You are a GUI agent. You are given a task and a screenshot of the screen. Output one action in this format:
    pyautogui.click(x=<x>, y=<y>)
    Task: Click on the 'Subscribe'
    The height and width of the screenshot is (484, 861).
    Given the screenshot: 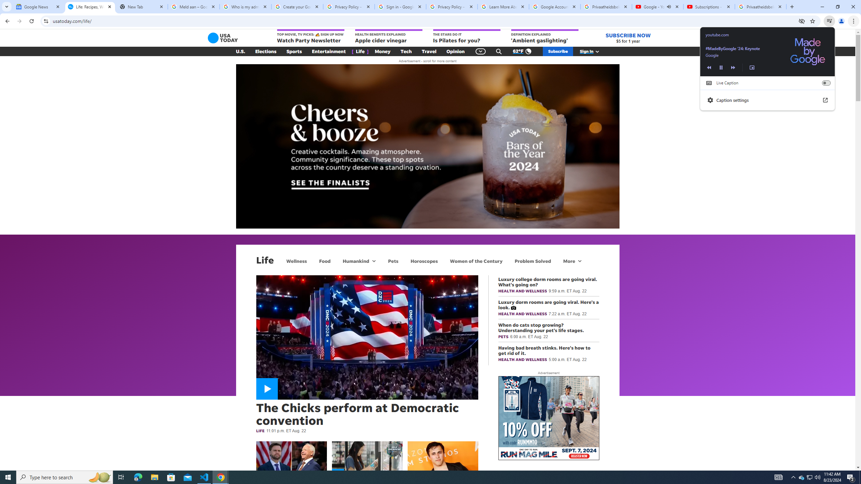 What is the action you would take?
    pyautogui.click(x=558, y=51)
    